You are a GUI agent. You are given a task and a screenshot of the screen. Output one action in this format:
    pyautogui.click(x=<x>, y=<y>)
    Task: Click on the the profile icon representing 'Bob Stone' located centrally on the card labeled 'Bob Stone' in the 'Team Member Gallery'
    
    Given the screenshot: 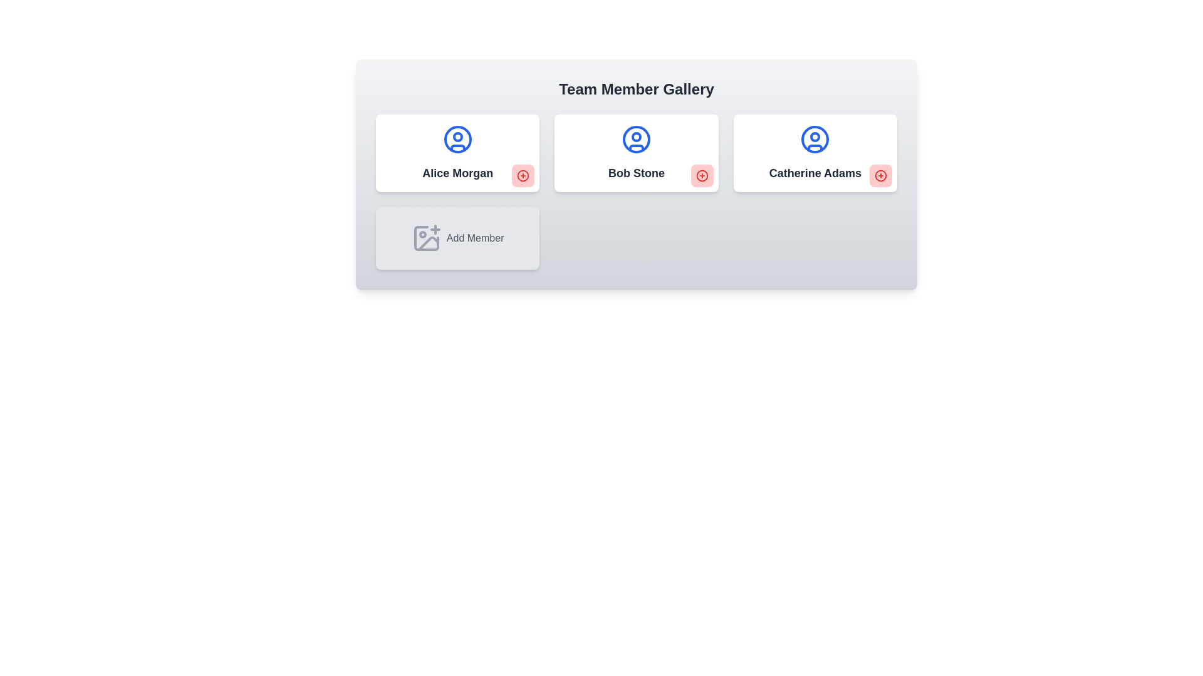 What is the action you would take?
    pyautogui.click(x=637, y=140)
    